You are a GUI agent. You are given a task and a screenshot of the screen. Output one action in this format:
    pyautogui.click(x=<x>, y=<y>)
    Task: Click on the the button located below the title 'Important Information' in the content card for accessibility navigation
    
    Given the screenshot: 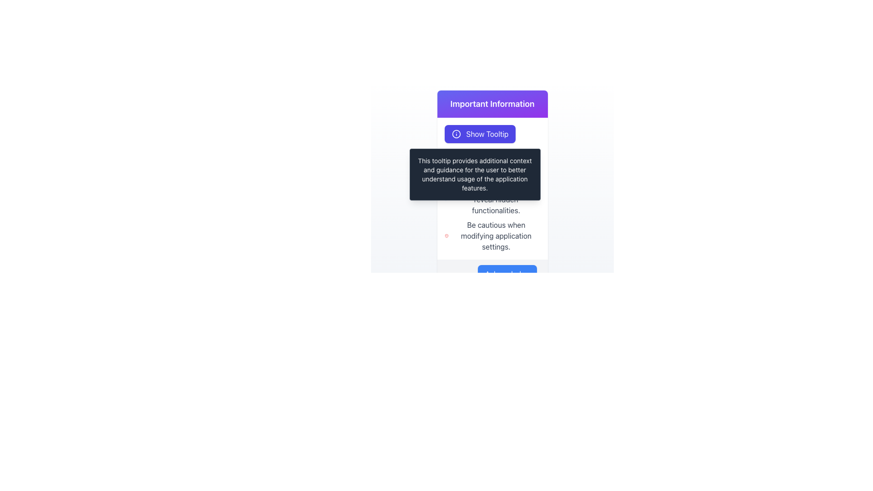 What is the action you would take?
    pyautogui.click(x=492, y=134)
    